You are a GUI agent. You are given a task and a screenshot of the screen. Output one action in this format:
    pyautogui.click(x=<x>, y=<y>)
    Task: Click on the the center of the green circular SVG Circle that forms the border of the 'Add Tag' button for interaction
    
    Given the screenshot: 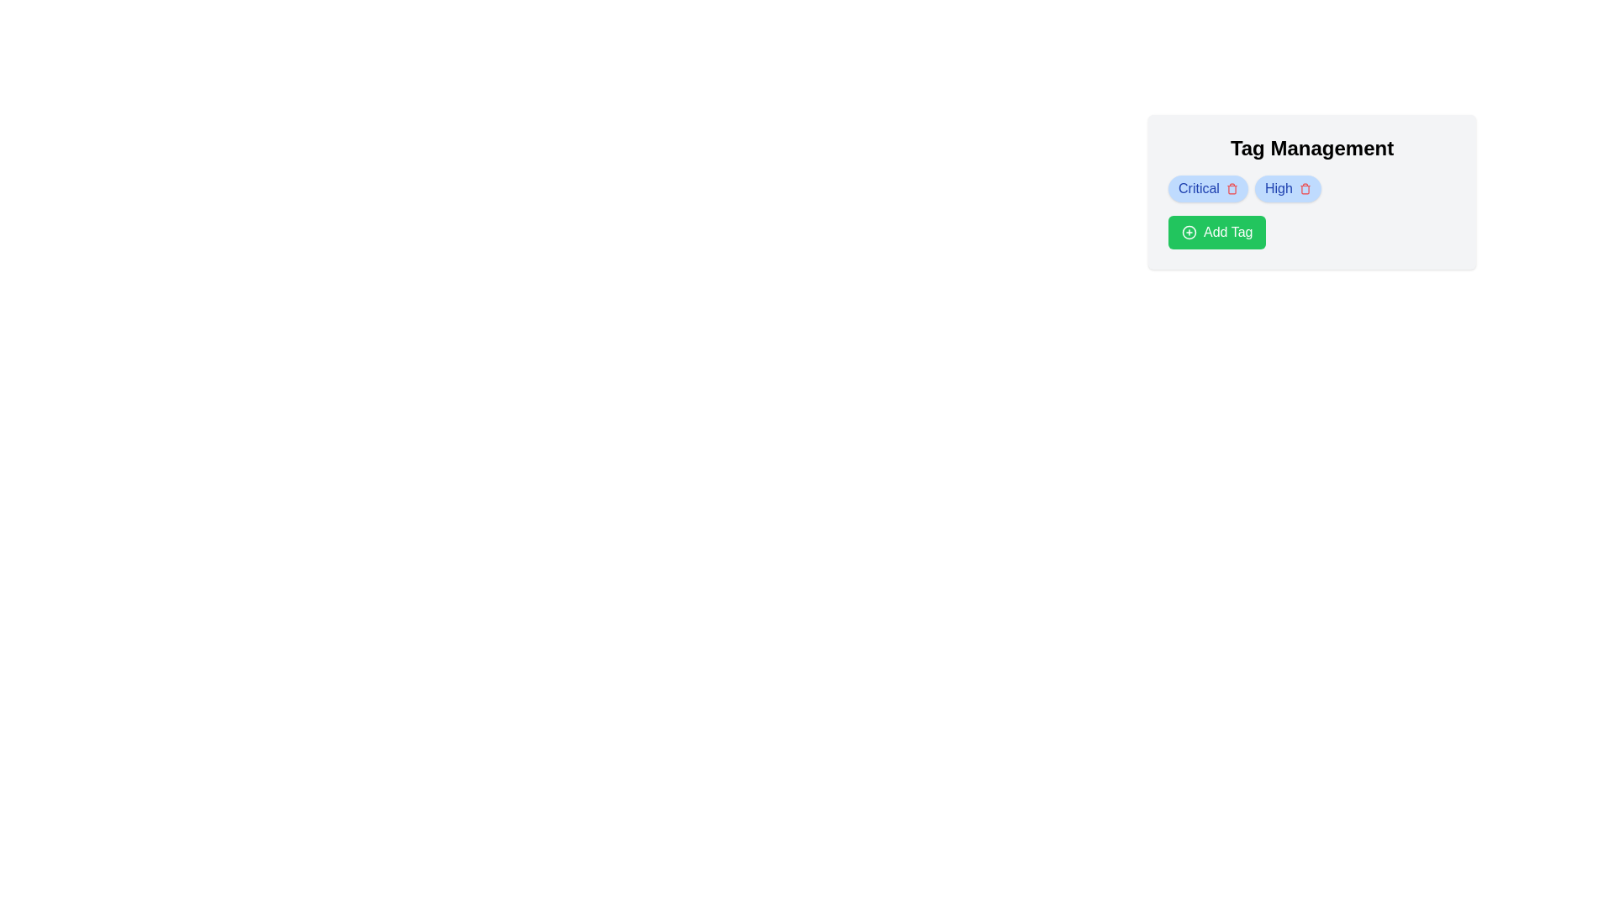 What is the action you would take?
    pyautogui.click(x=1189, y=233)
    